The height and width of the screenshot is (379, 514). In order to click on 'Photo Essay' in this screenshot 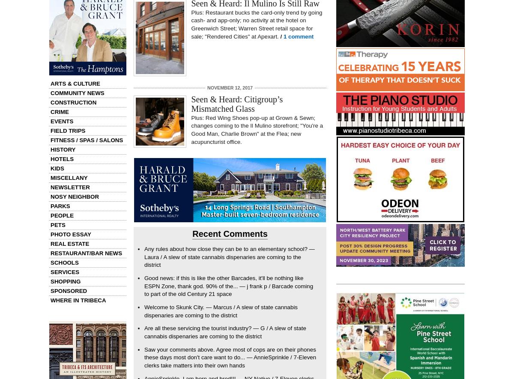, I will do `click(70, 234)`.